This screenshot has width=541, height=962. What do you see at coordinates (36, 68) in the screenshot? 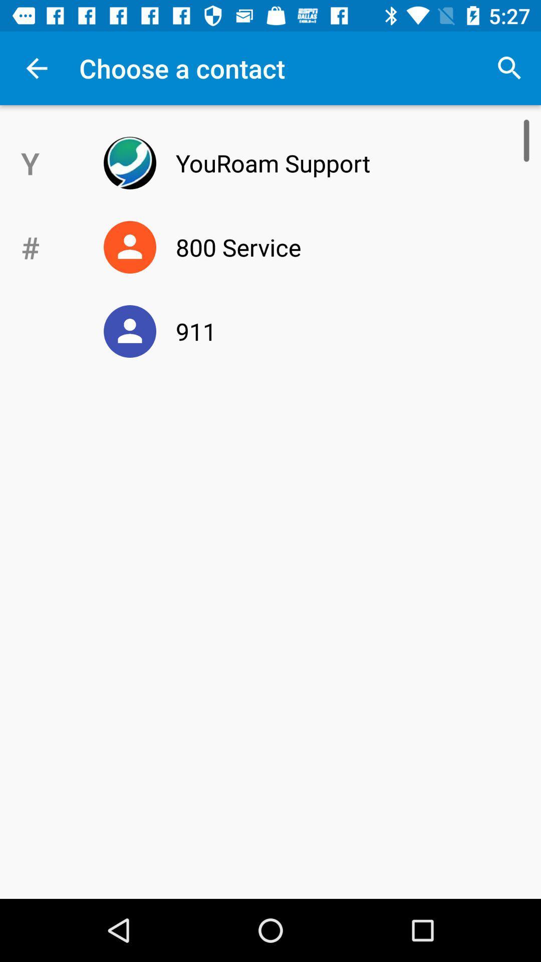
I see `item above y item` at bounding box center [36, 68].